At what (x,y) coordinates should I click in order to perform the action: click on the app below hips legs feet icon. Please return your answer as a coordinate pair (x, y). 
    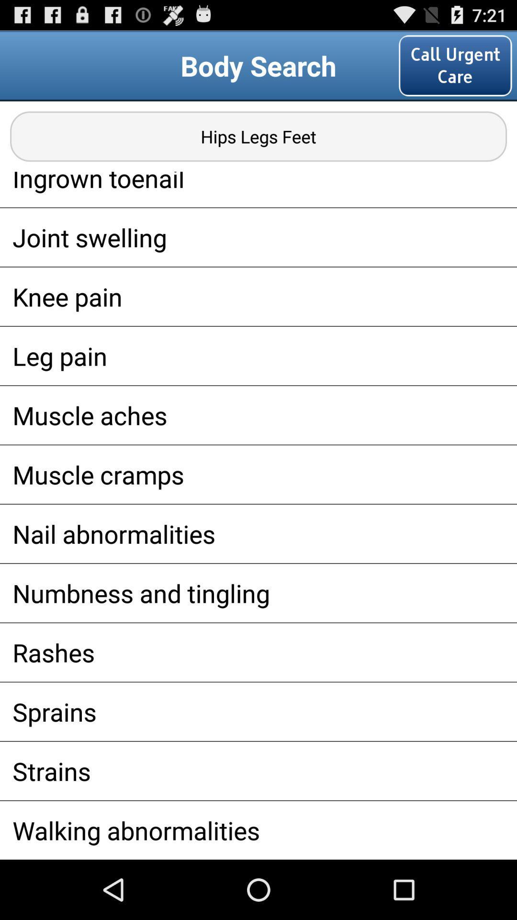
    Looking at the image, I should click on (258, 189).